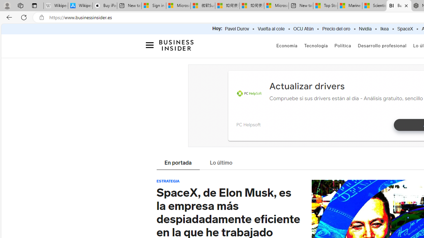  What do you see at coordinates (177, 45) in the screenshot?
I see `'Logo BusinessInsider.es'` at bounding box center [177, 45].